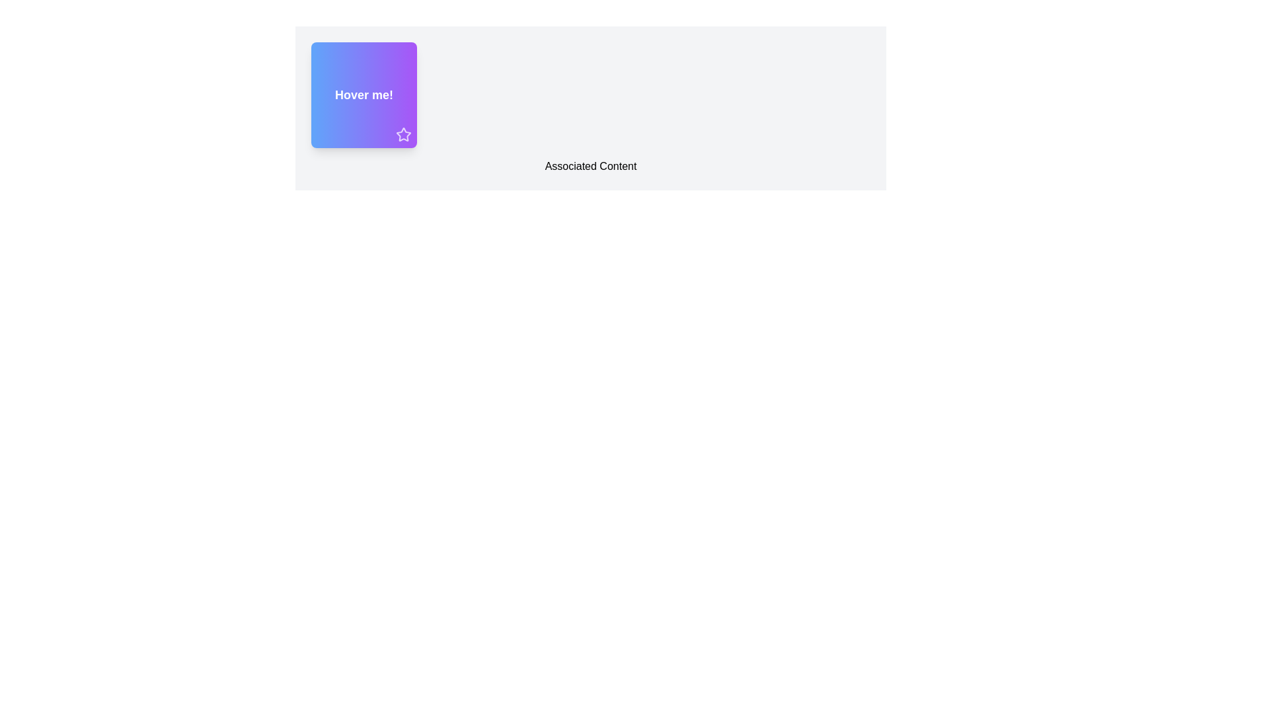 The image size is (1269, 714). What do you see at coordinates (403, 134) in the screenshot?
I see `the star icon located in the bottom right corner of the card labeled 'Hover me!'` at bounding box center [403, 134].